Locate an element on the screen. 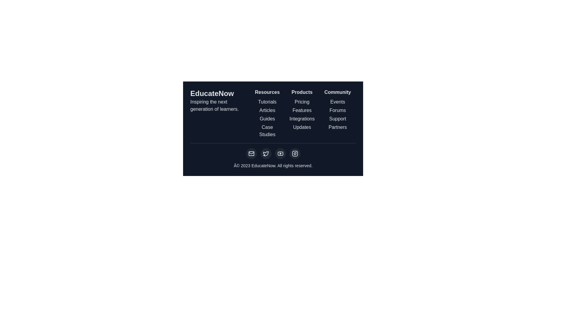 This screenshot has height=326, width=581. each sub-item in the Interactive List under the title 'Resources', which includes 'Tutorials', 'Articles', 'Guides', and 'Case Studies' is located at coordinates (267, 113).